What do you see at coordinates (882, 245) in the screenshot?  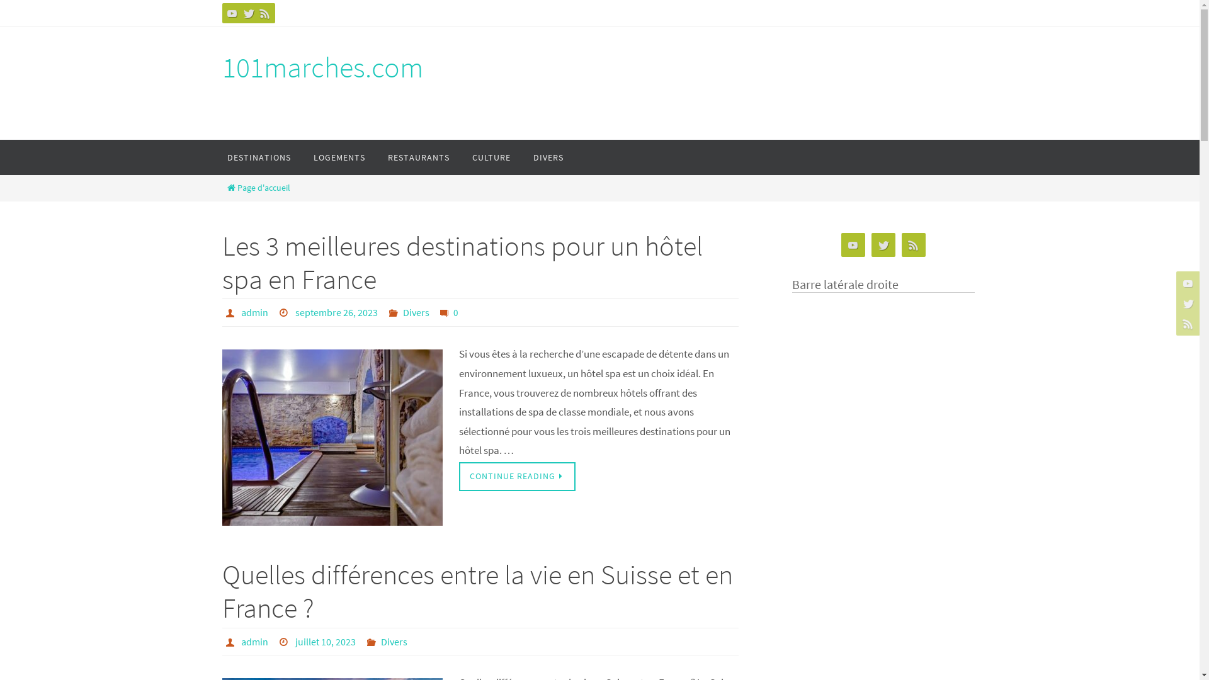 I see `'Twitter'` at bounding box center [882, 245].